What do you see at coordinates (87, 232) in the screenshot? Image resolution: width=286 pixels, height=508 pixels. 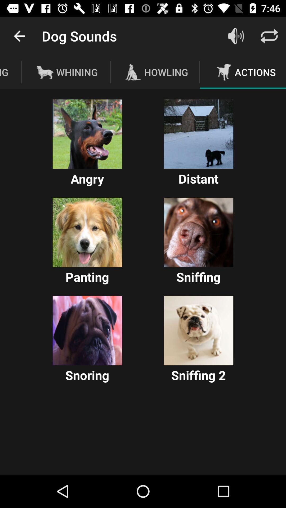 I see `panting dog sound` at bounding box center [87, 232].